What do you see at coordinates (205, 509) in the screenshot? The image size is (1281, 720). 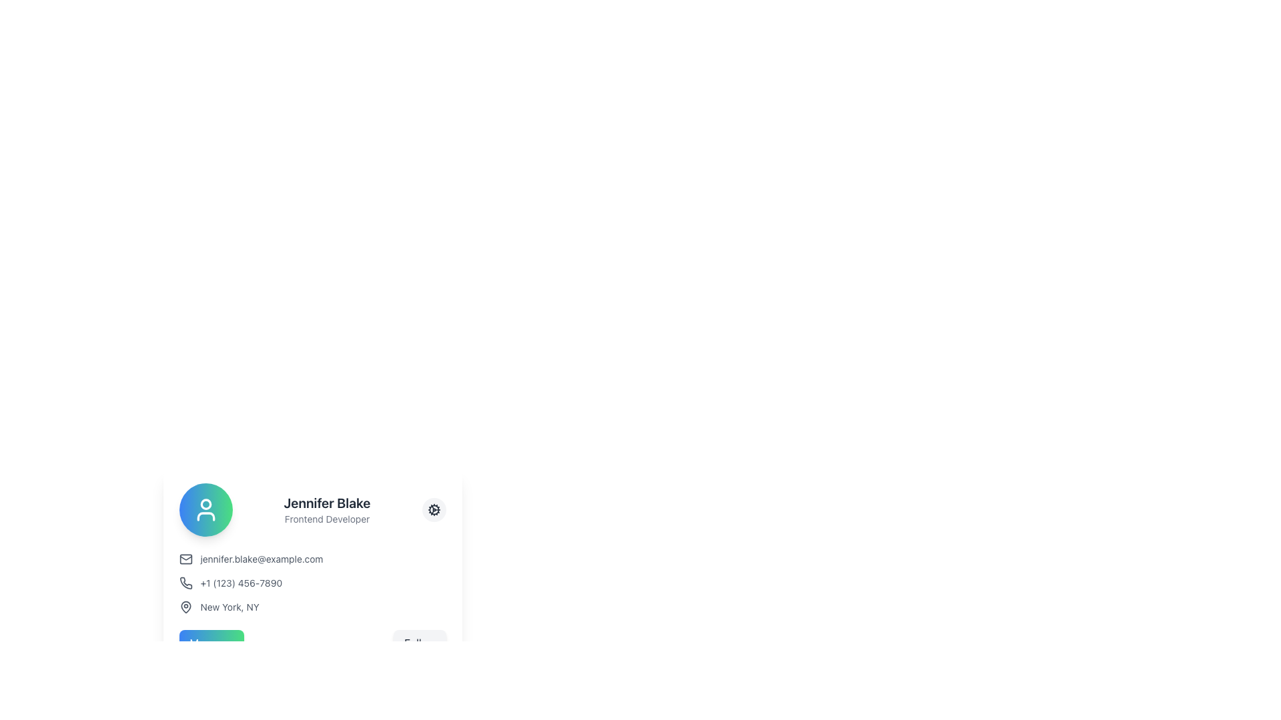 I see `the user profile SVG icon, which is a circular icon with a white stroke against a colorful gradient background, located in the upper-left corner of the card layout` at bounding box center [205, 509].